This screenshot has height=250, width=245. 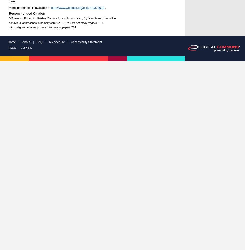 I want to click on 'Recommended Citation', so click(x=27, y=13).